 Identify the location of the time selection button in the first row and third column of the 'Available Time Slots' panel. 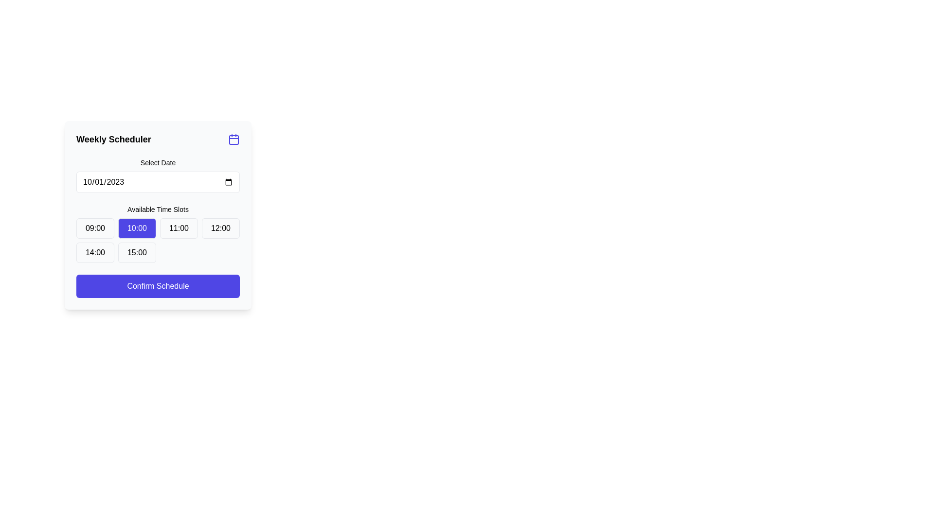
(179, 228).